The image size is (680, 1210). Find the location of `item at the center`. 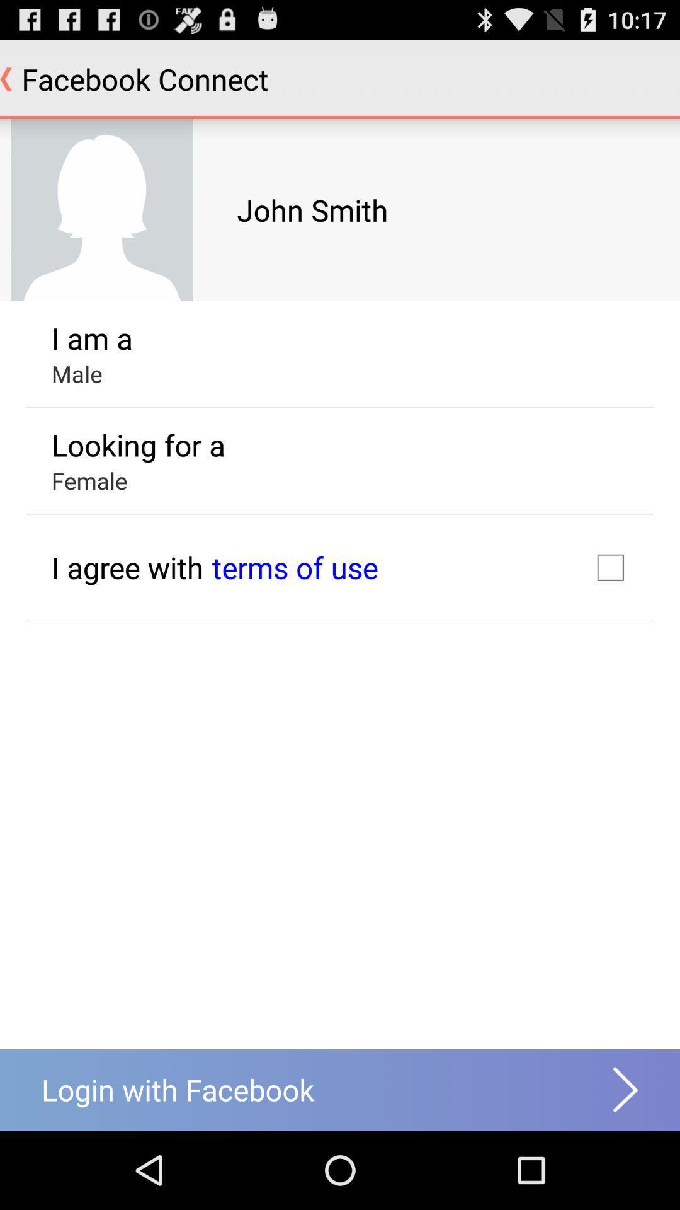

item at the center is located at coordinates (295, 567).